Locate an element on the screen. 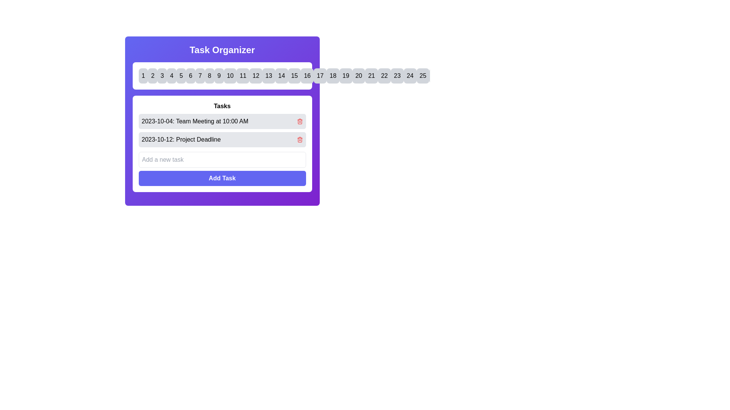 This screenshot has height=410, width=730. the button representing the 12th item in the horizontal sequence of numbers in the task organizer interface is located at coordinates (255, 76).